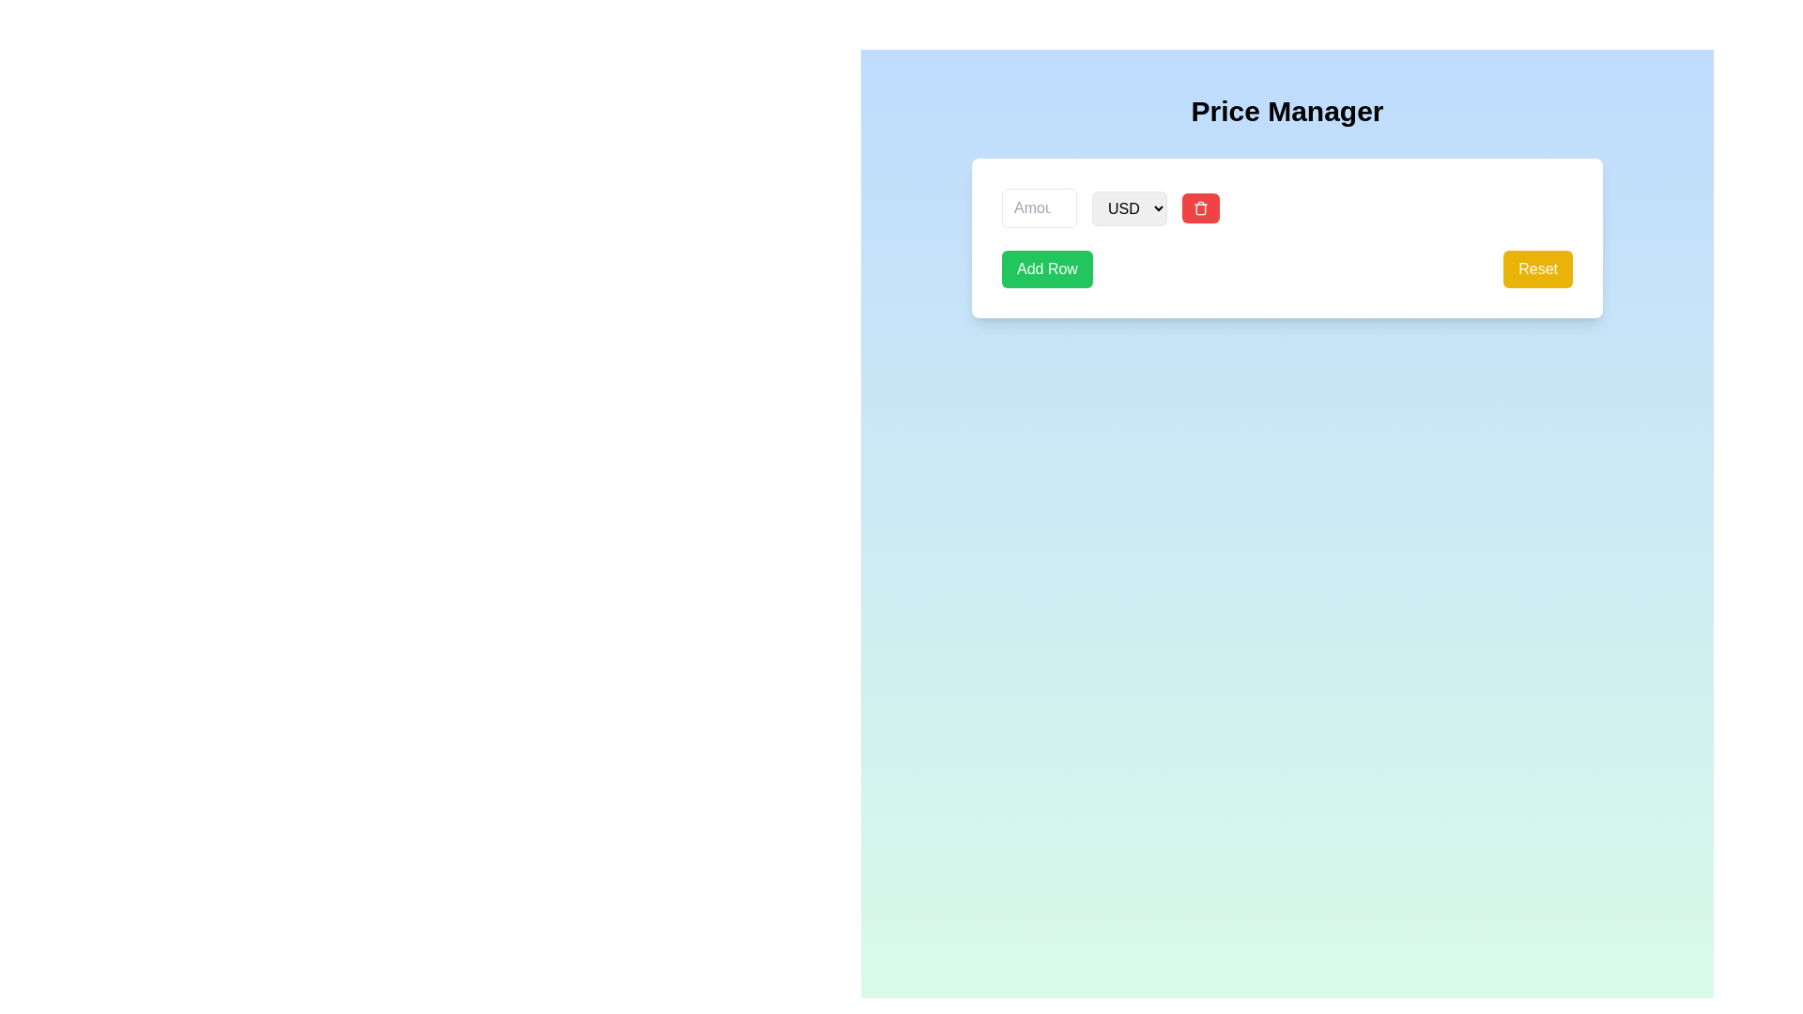  Describe the element at coordinates (1199, 208) in the screenshot. I see `the delete button, which is the fourth element in a horizontal group, positioned to the right of a dropdown menu and to the left of the green 'Add Row' button` at that location.